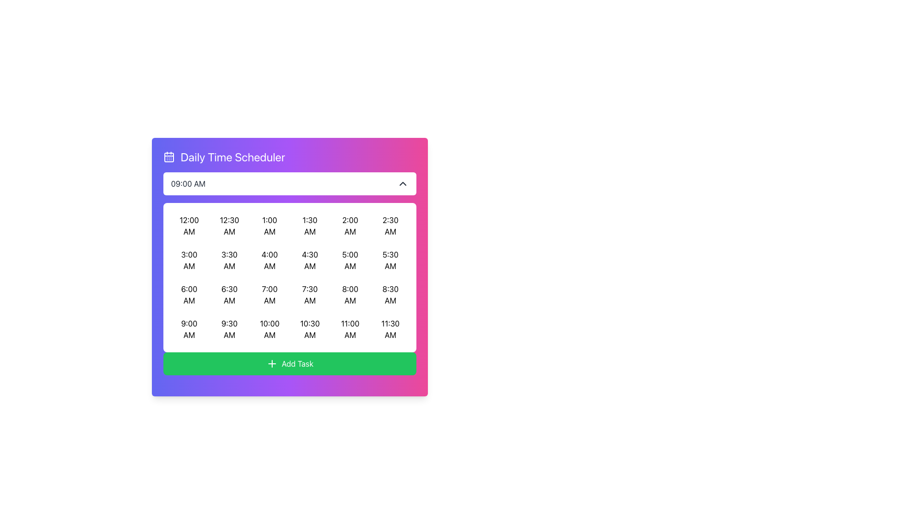 This screenshot has width=920, height=517. Describe the element at coordinates (189, 328) in the screenshot. I see `the '9:00 AM' time selection button in the Daily Time Scheduler grid` at that location.